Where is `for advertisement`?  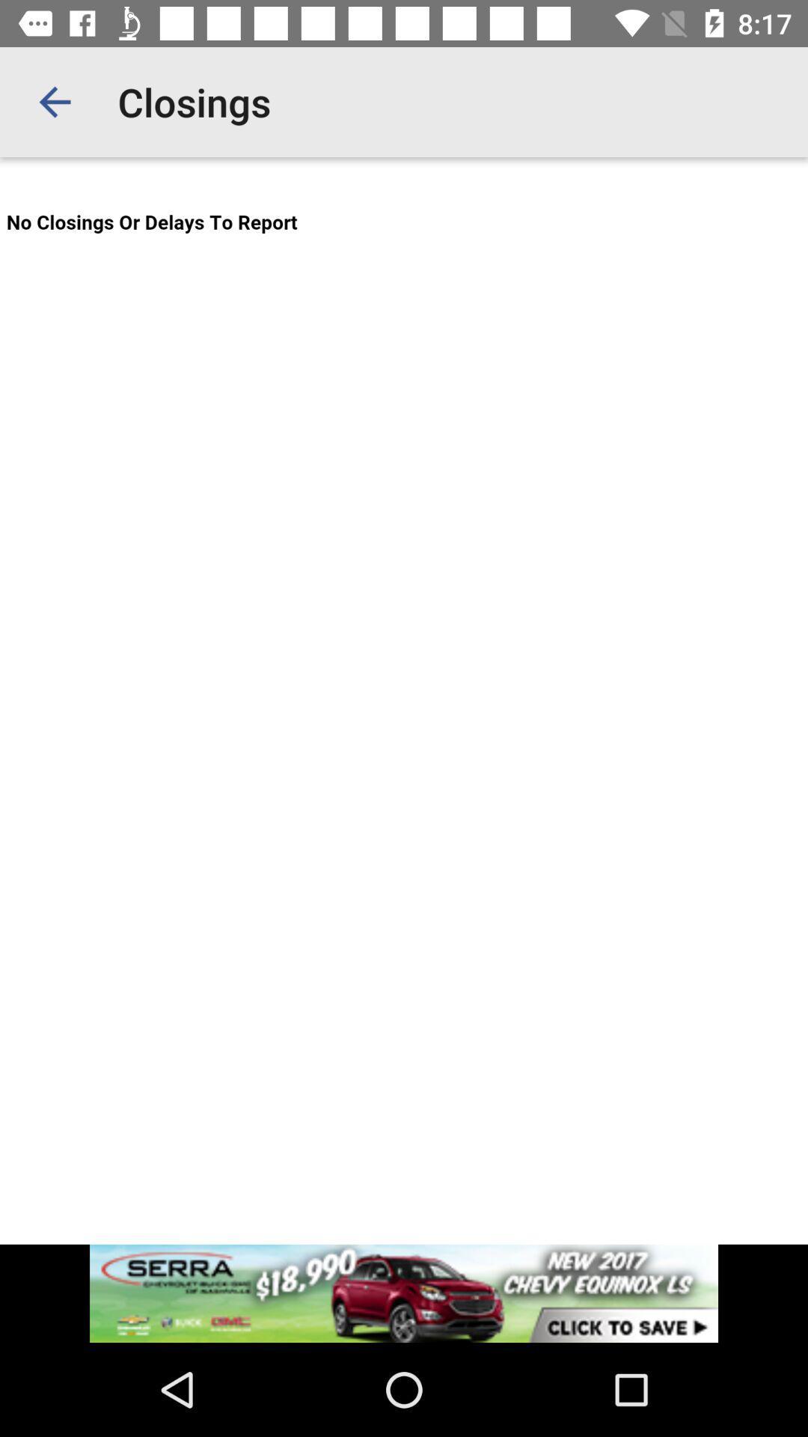 for advertisement is located at coordinates (404, 1293).